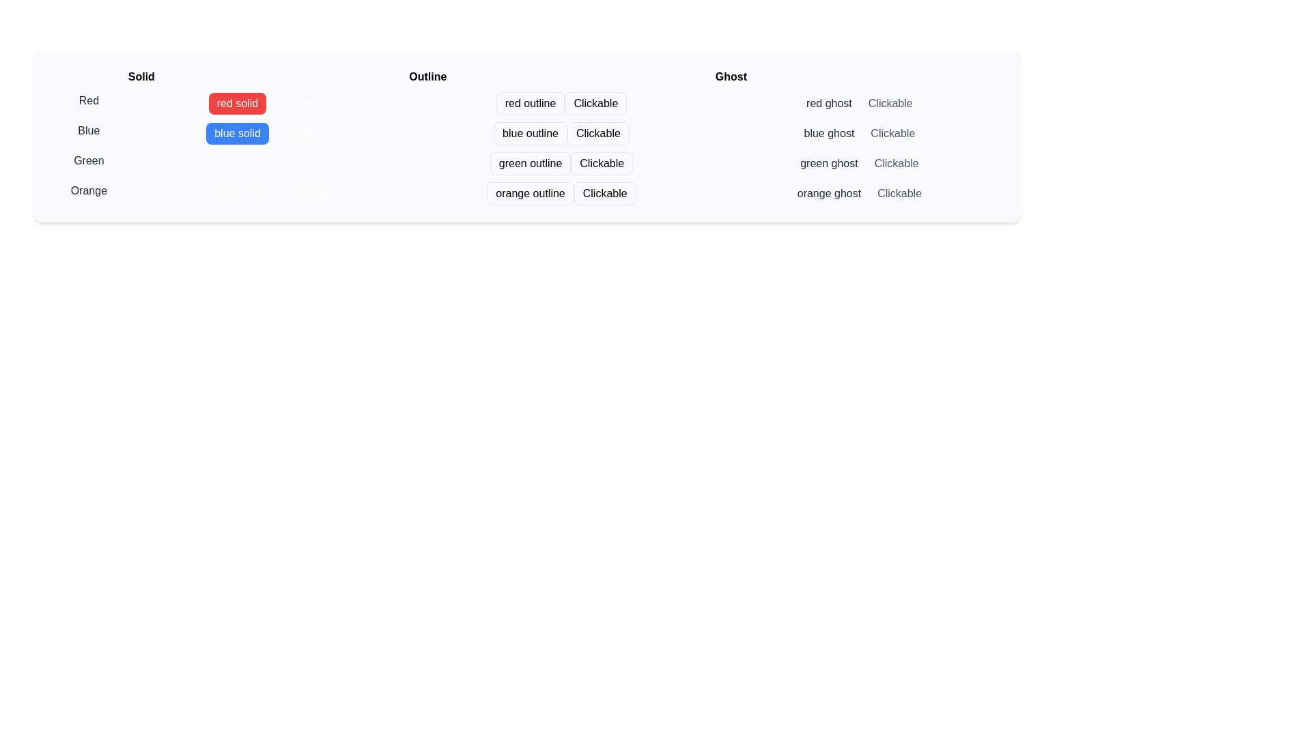  Describe the element at coordinates (561, 100) in the screenshot. I see `the first row of the aligned group of styled text containers in the 'Outline' column` at that location.